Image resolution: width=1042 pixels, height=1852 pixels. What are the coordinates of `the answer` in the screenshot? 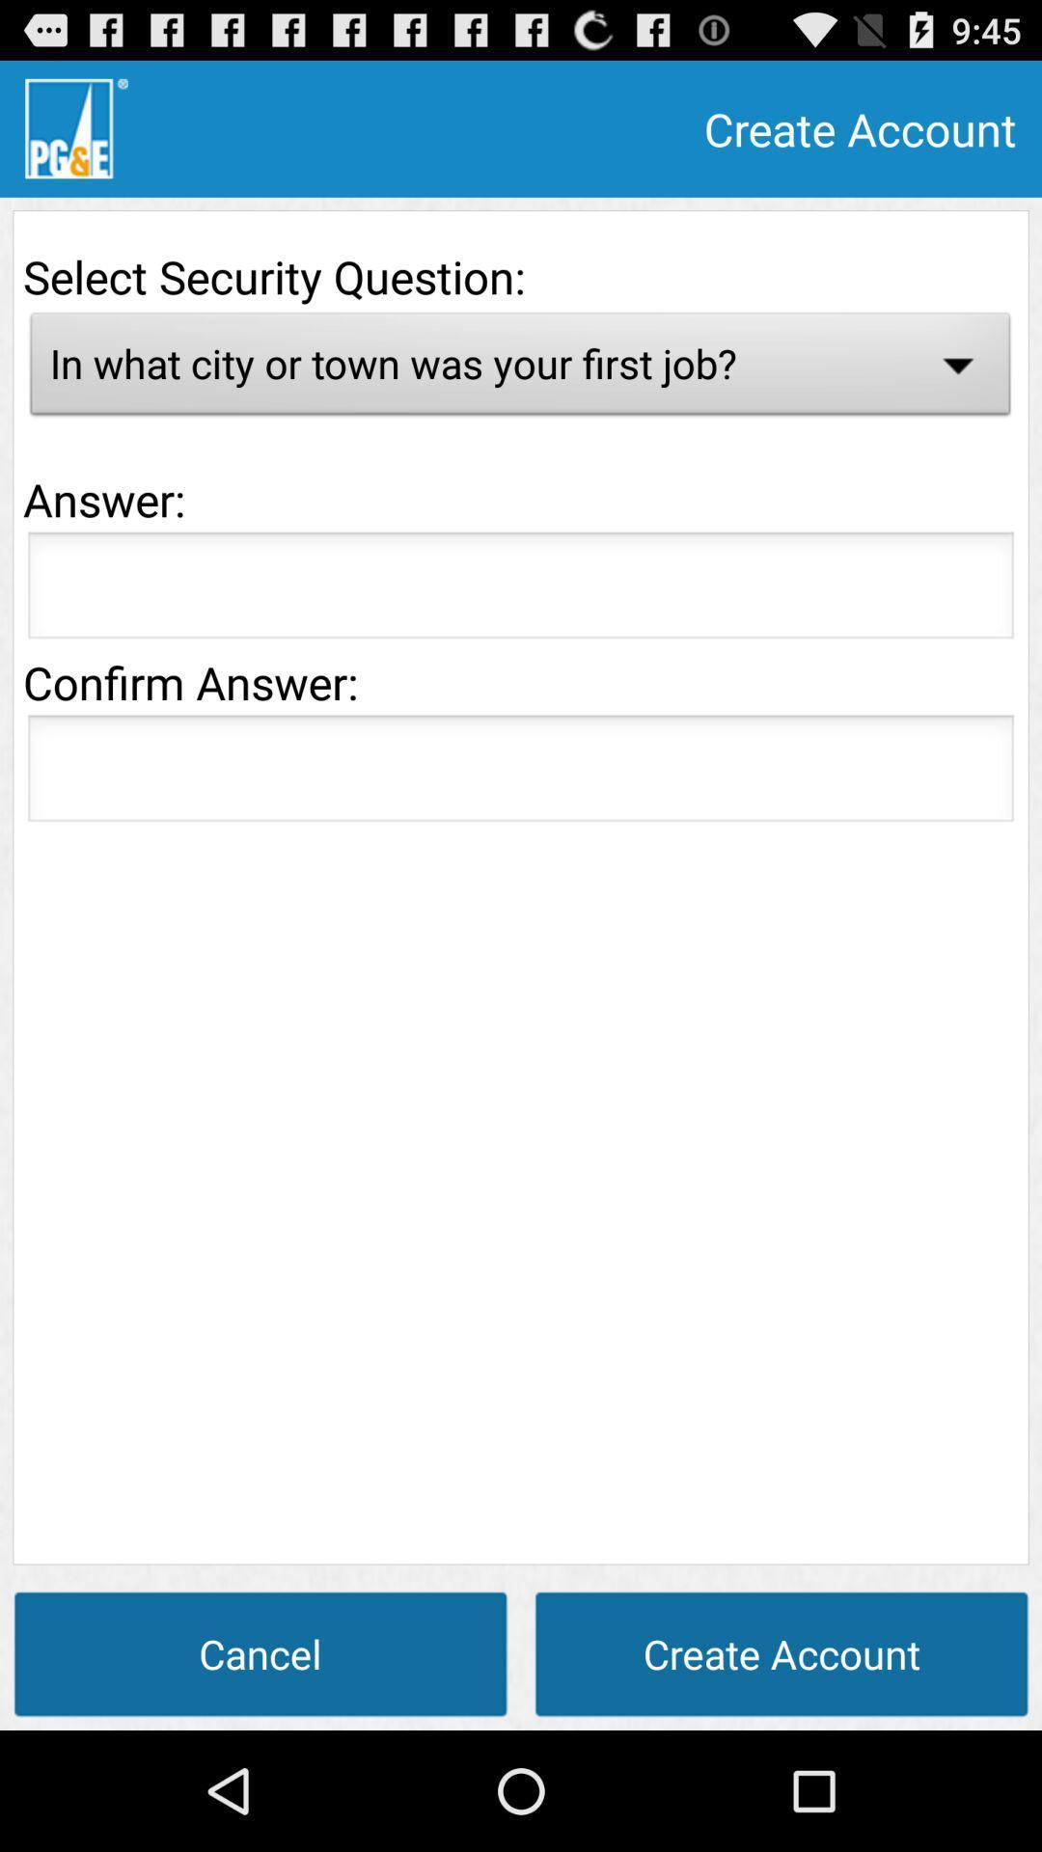 It's located at (521, 589).